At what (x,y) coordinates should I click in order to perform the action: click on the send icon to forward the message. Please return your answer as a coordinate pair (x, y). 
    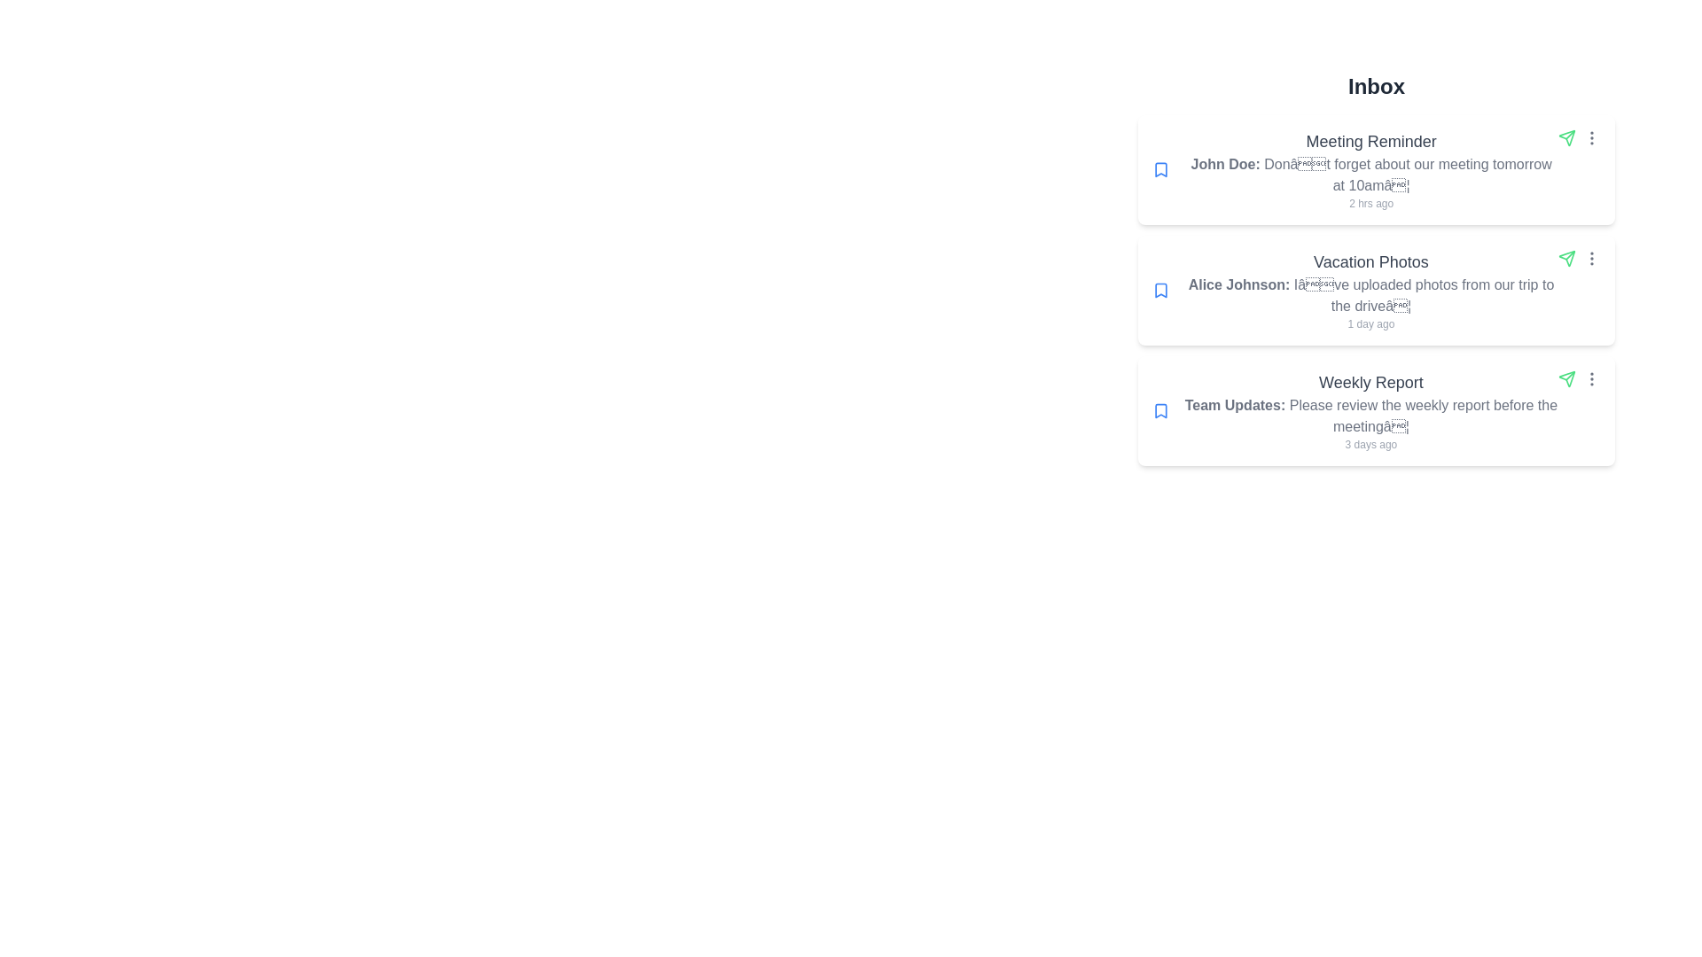
    Looking at the image, I should click on (1566, 136).